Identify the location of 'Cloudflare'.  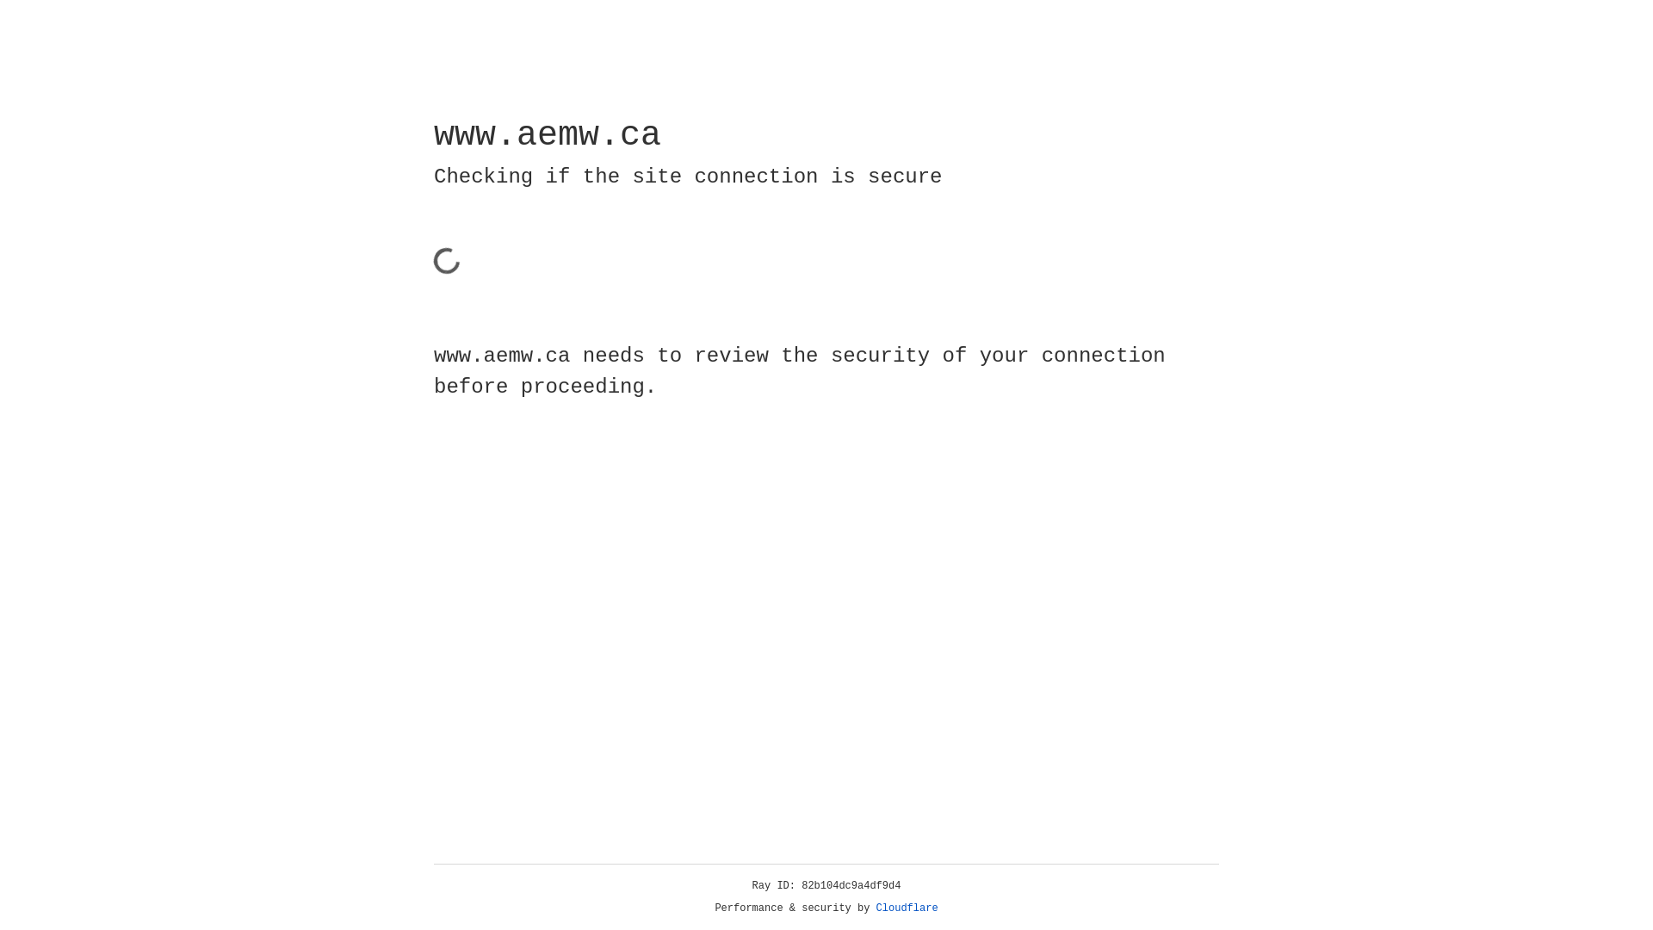
(907, 908).